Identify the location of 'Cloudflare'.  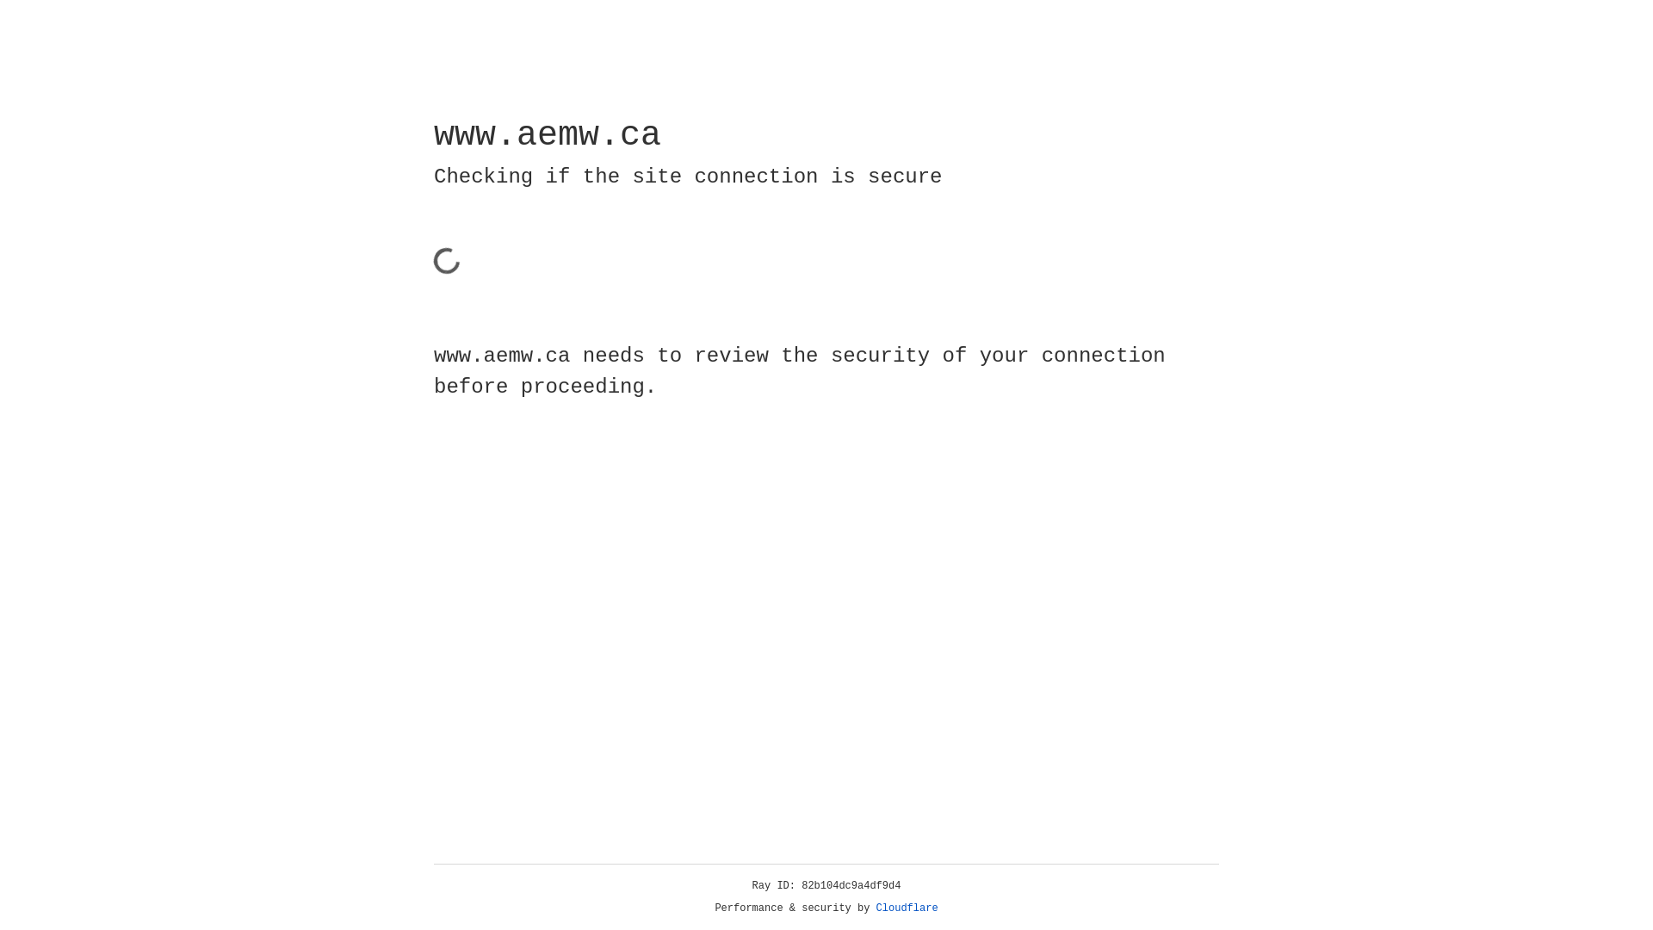
(907, 908).